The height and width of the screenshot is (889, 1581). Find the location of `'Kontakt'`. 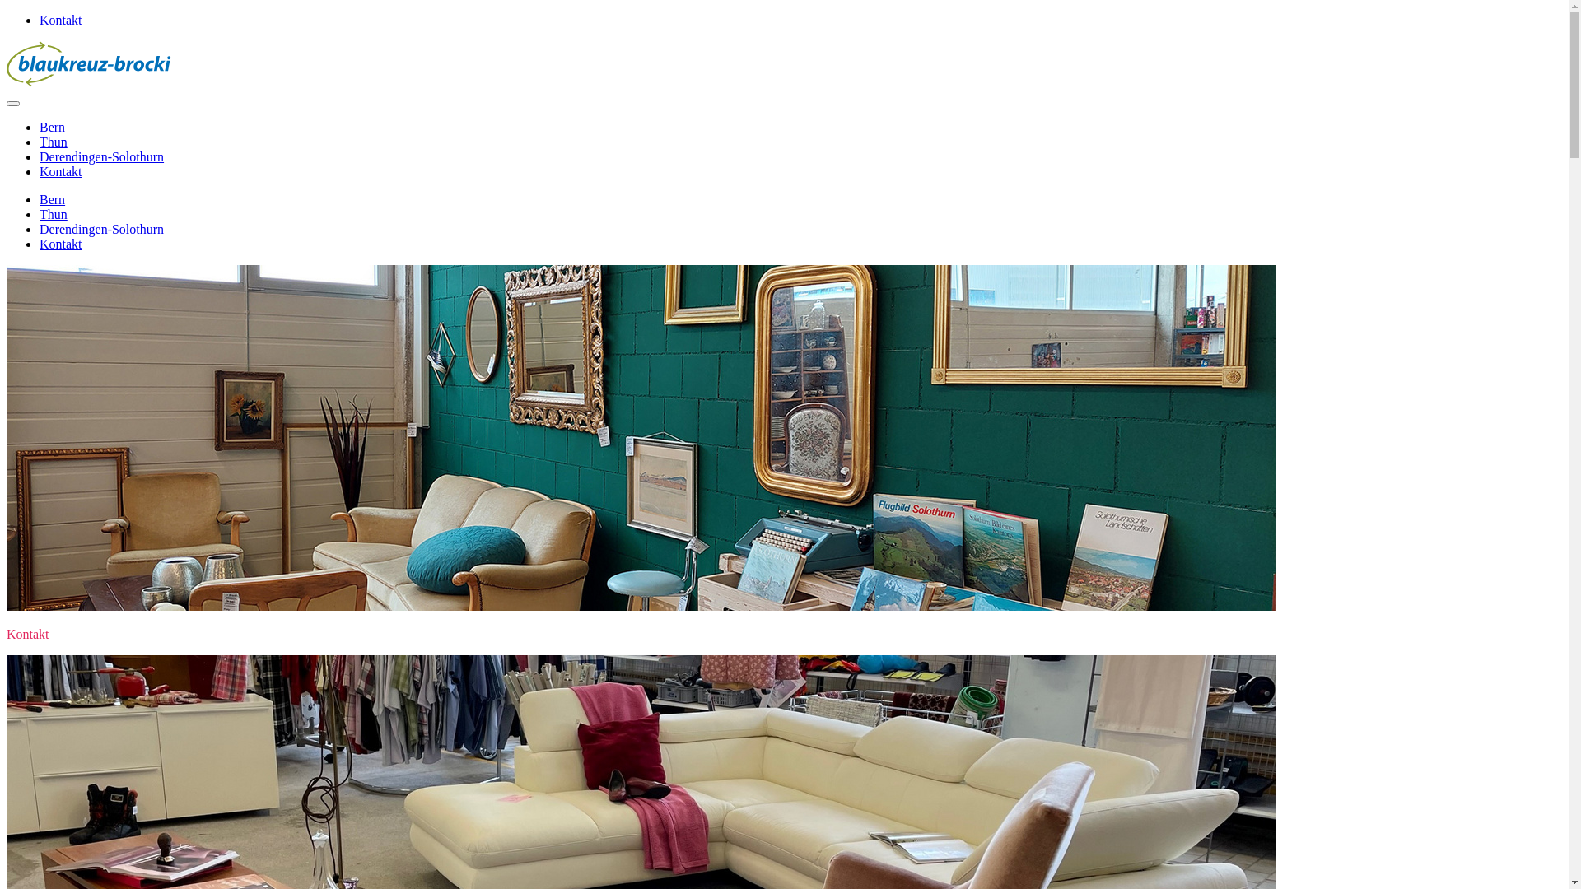

'Kontakt' is located at coordinates (60, 20).